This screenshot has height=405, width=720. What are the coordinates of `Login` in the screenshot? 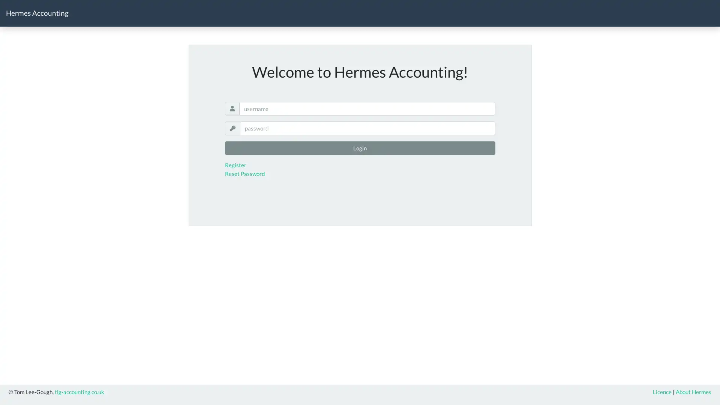 It's located at (359, 148).